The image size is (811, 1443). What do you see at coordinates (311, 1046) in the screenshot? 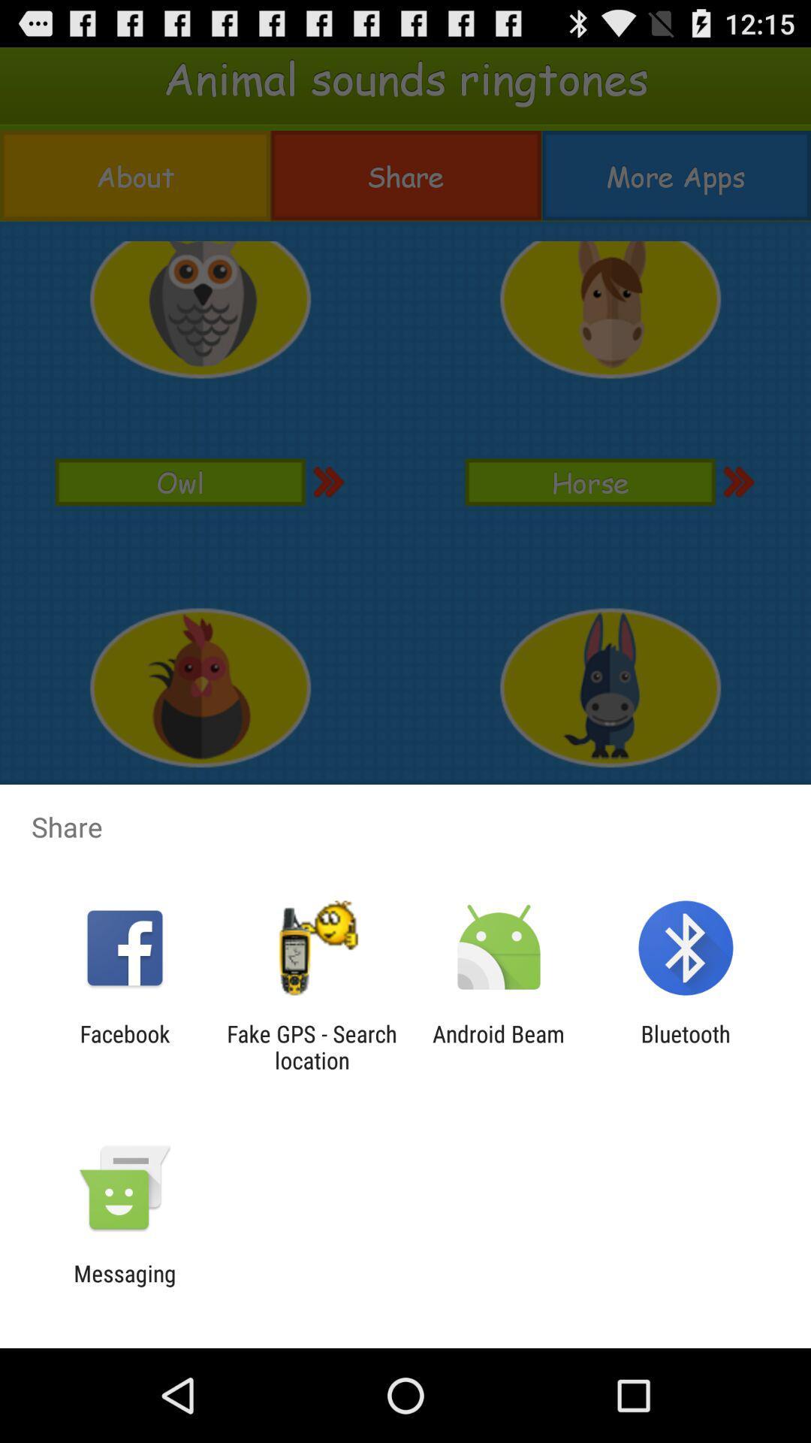
I see `icon to the right of facebook app` at bounding box center [311, 1046].